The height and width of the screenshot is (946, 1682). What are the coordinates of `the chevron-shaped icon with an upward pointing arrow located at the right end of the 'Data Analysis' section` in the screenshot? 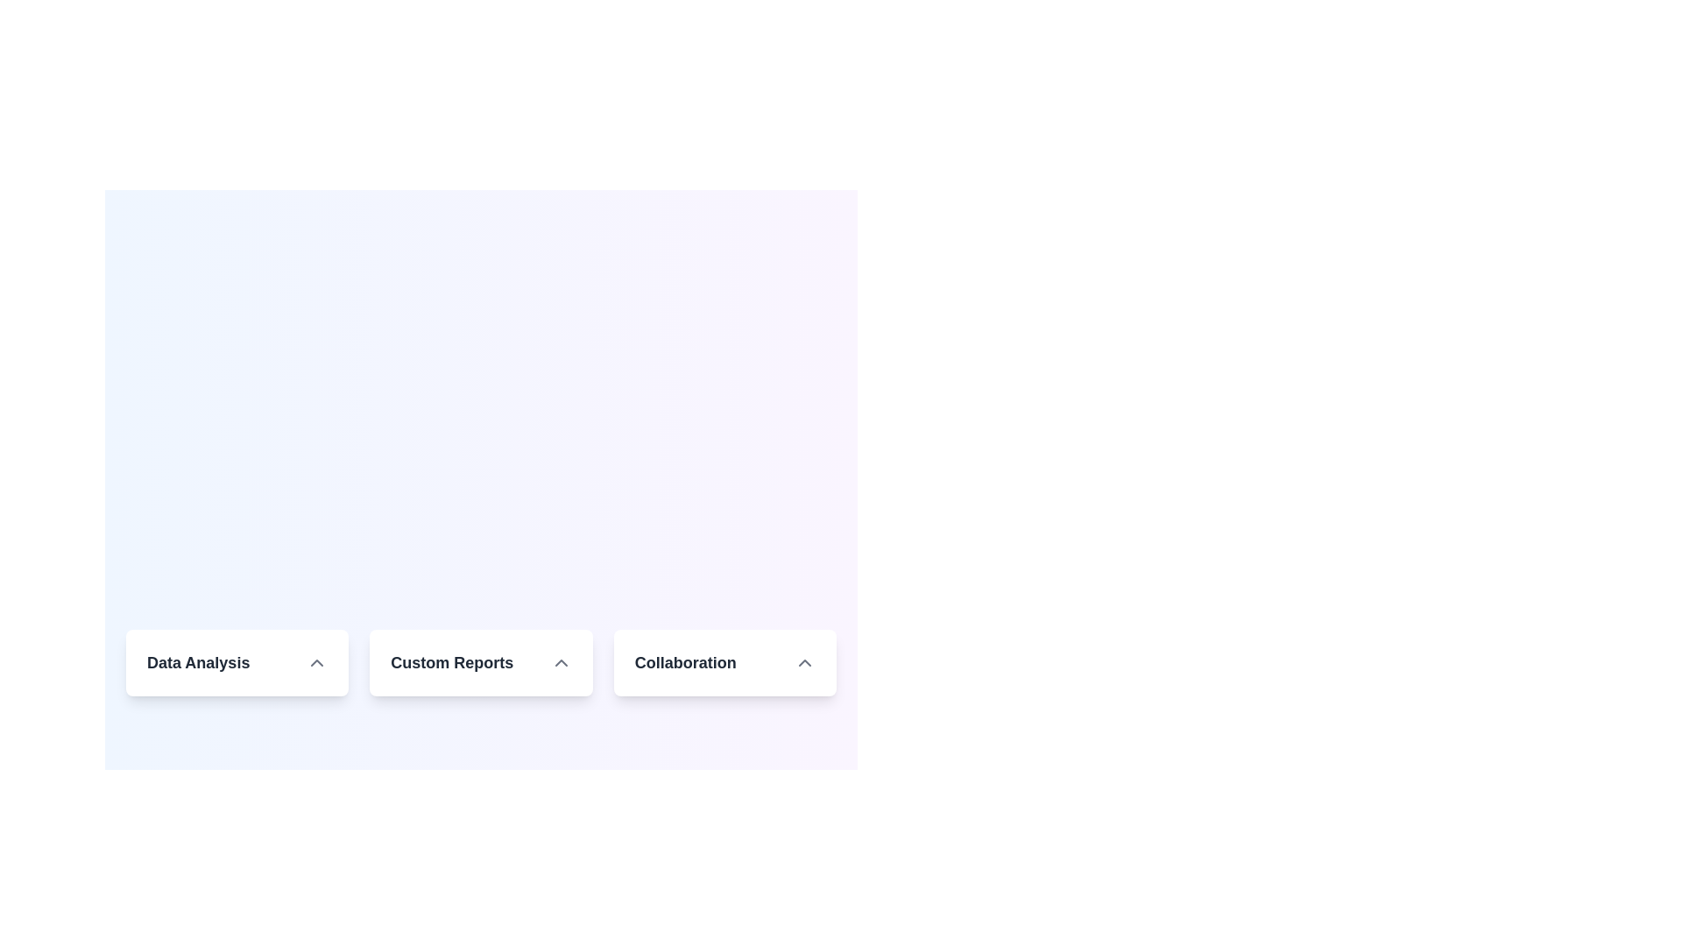 It's located at (317, 662).